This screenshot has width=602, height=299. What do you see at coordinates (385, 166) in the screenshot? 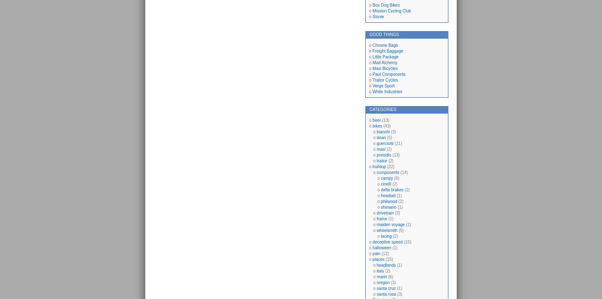
I see `'(22)'` at bounding box center [385, 166].